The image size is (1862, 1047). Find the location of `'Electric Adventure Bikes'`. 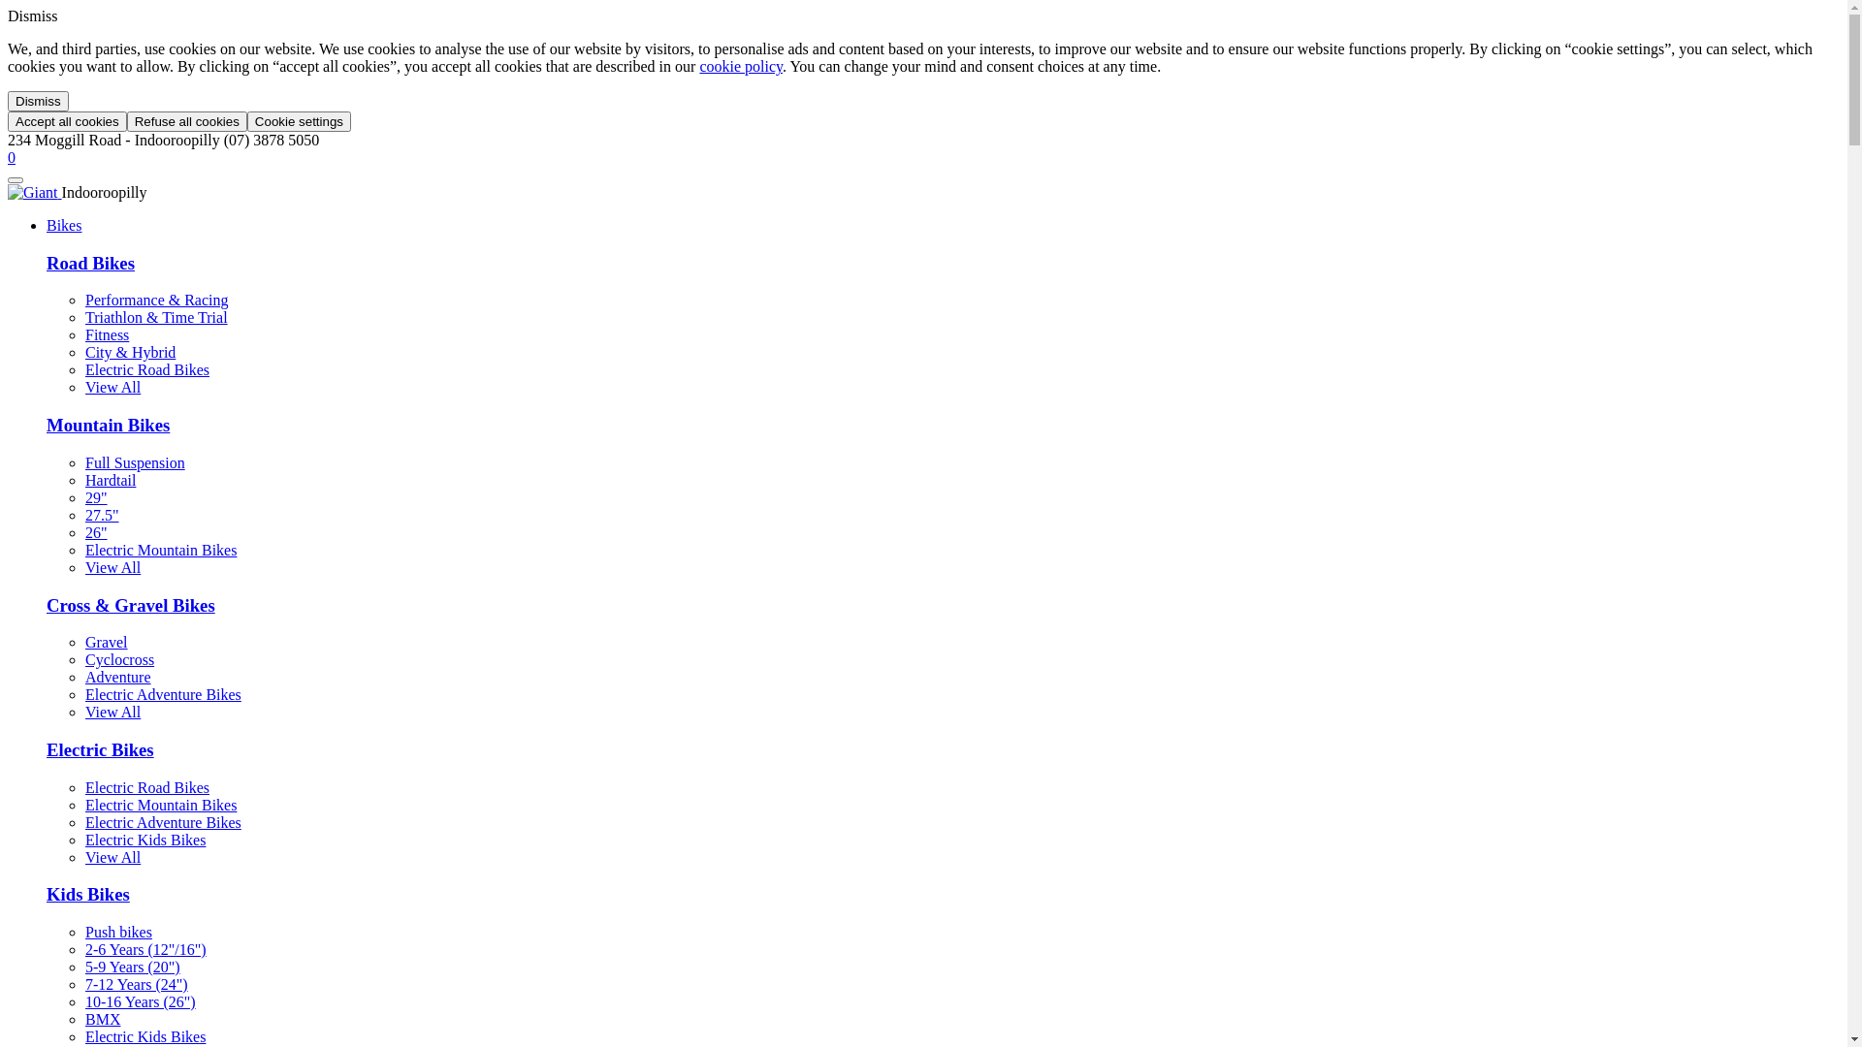

'Electric Adventure Bikes' is located at coordinates (163, 822).